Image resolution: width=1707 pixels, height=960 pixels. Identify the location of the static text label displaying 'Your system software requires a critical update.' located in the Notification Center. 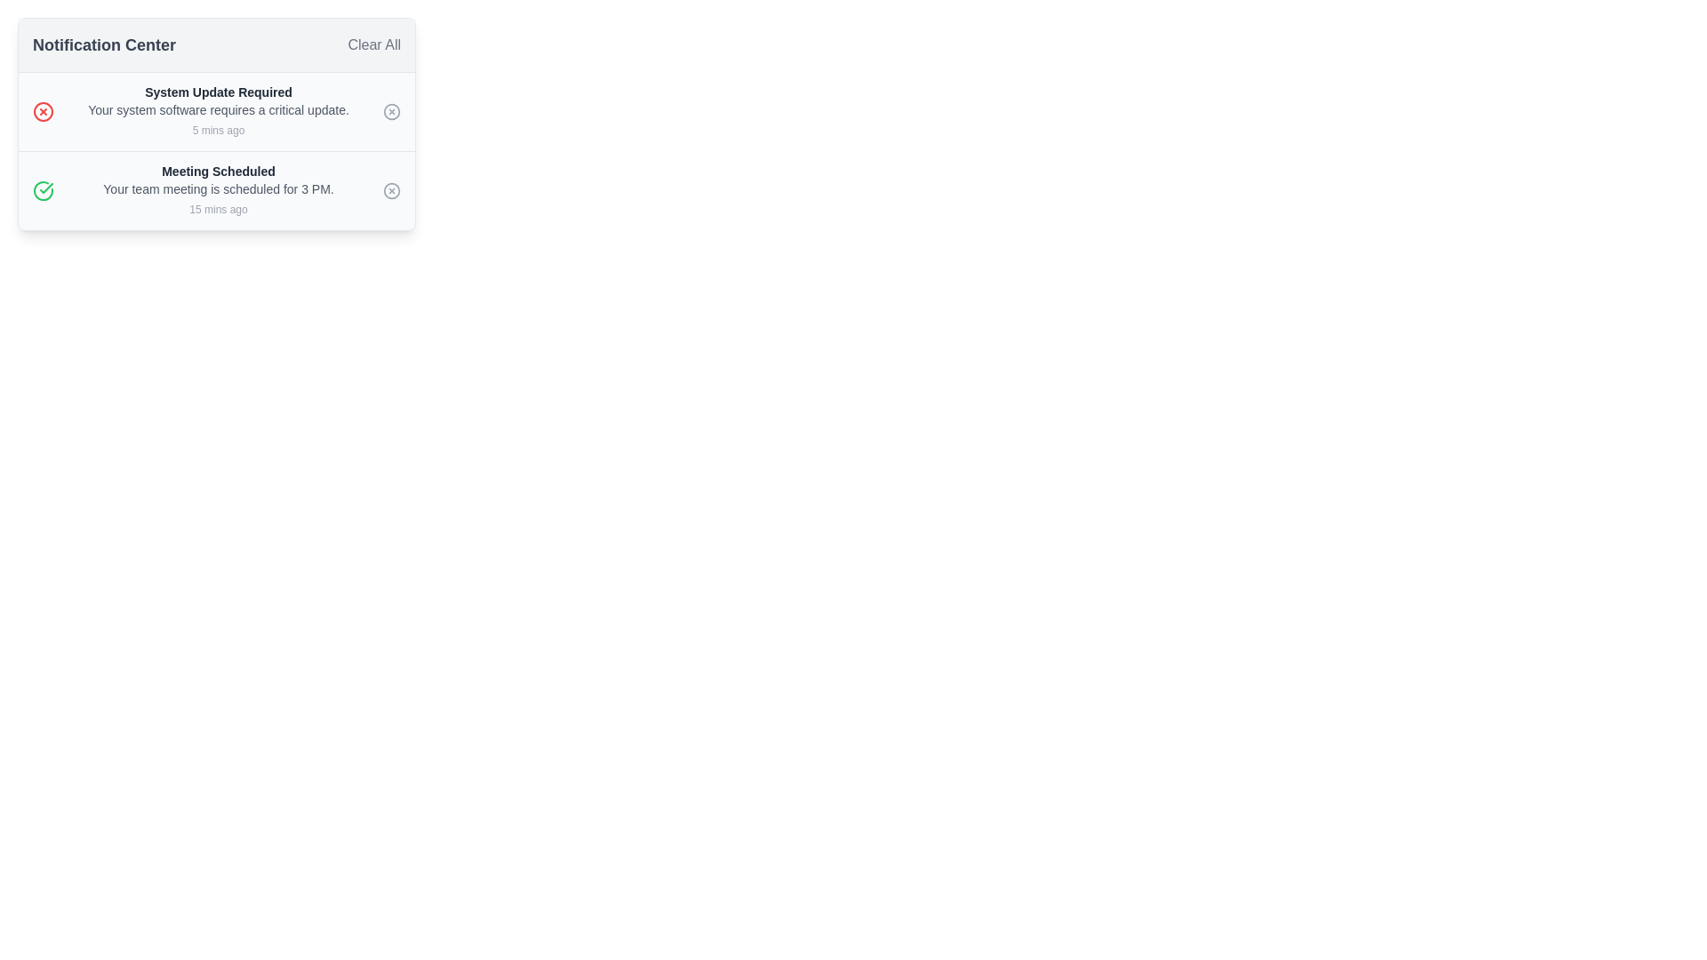
(217, 109).